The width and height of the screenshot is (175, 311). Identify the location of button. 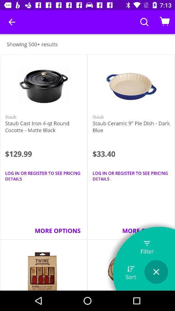
(156, 272).